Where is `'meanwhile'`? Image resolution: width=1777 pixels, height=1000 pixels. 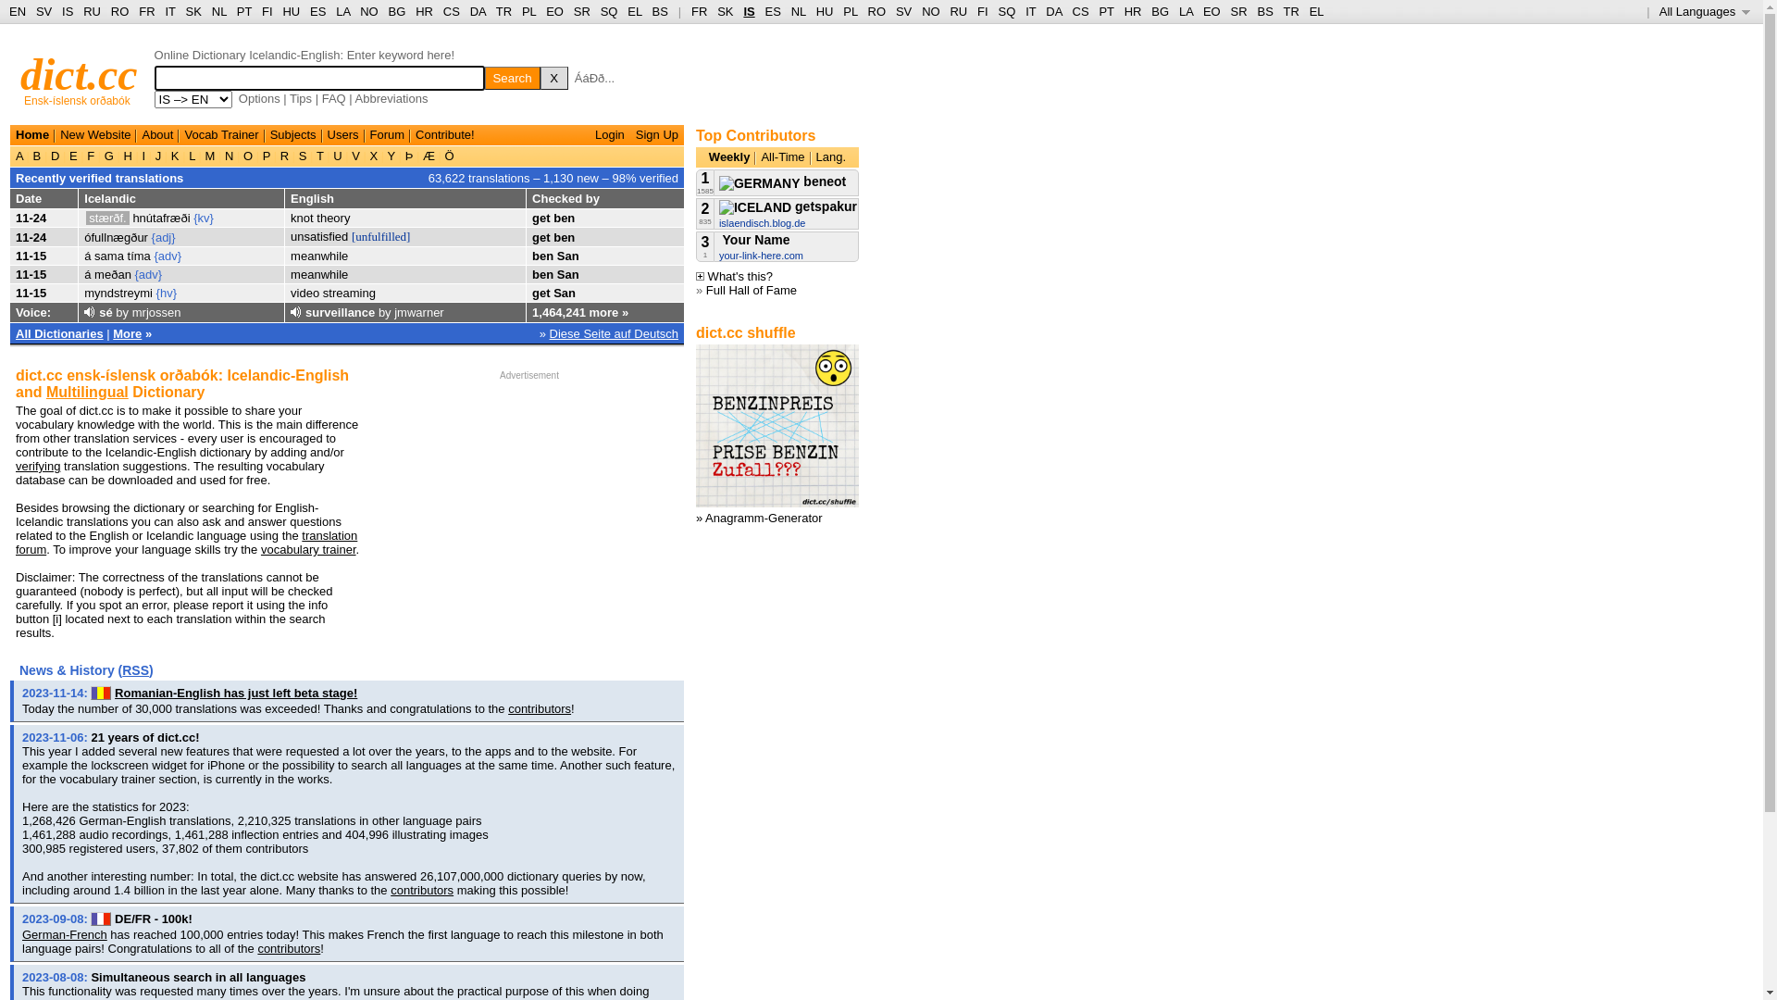 'meanwhile' is located at coordinates (319, 256).